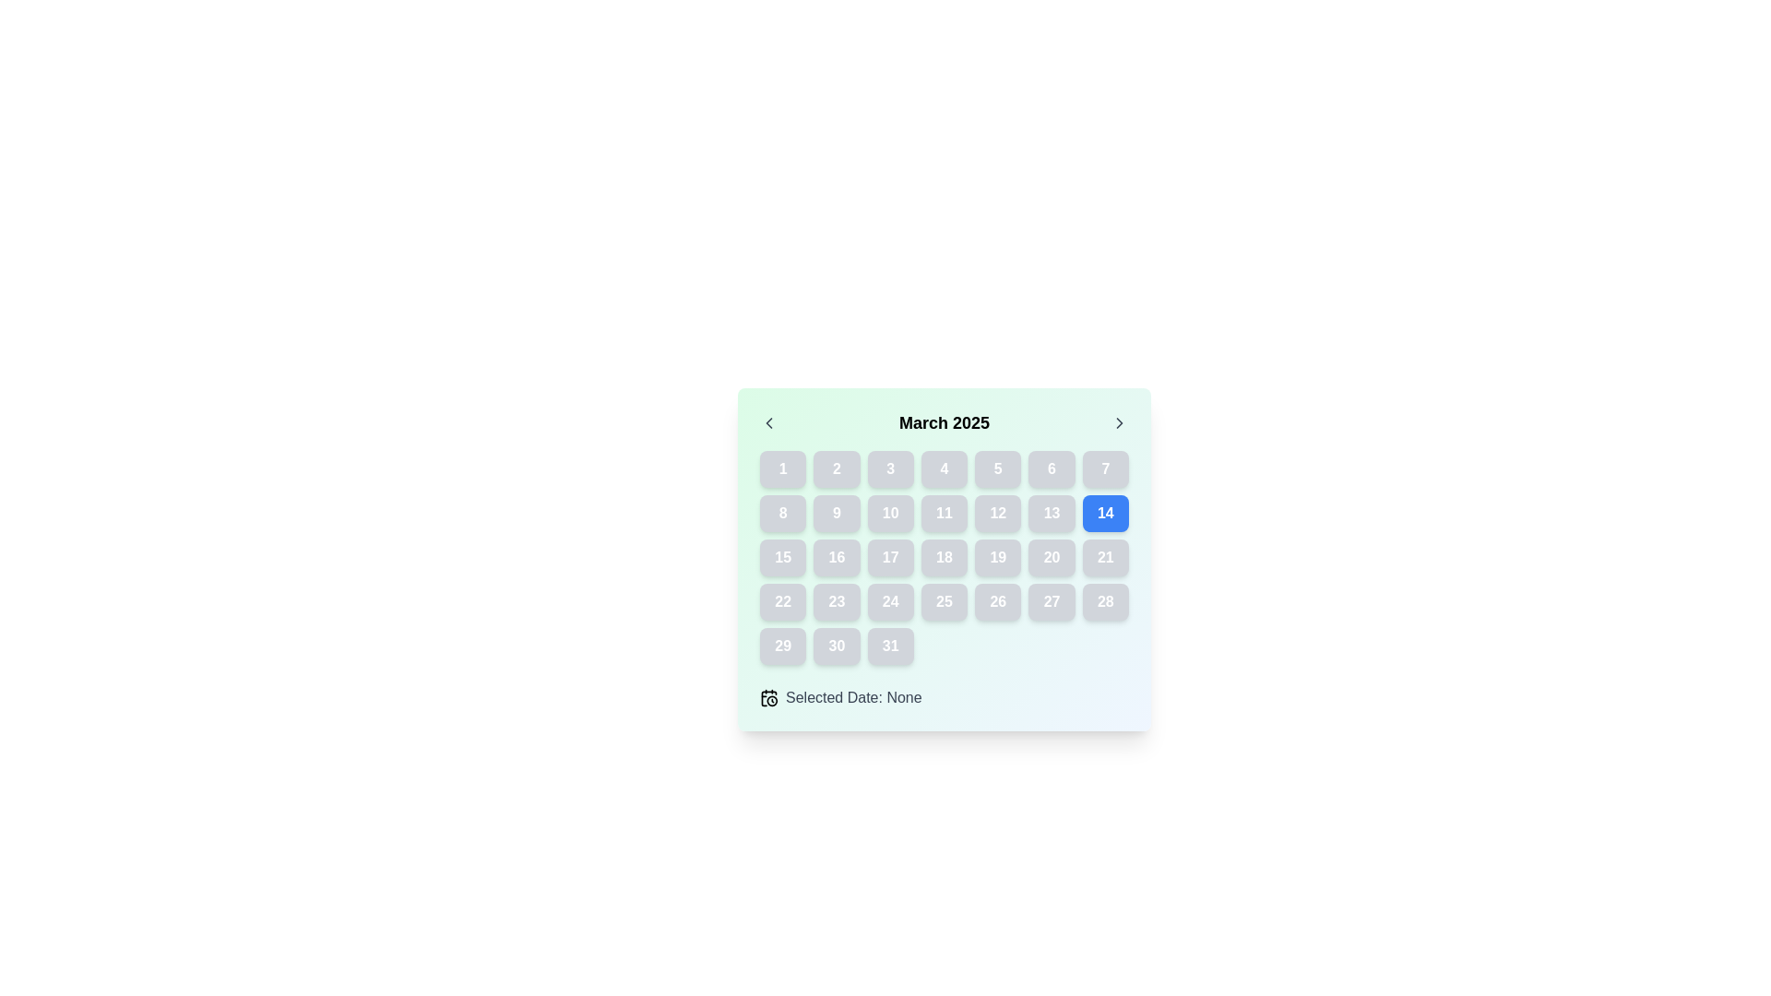  Describe the element at coordinates (944, 468) in the screenshot. I see `the calendar button representing the date '4'` at that location.